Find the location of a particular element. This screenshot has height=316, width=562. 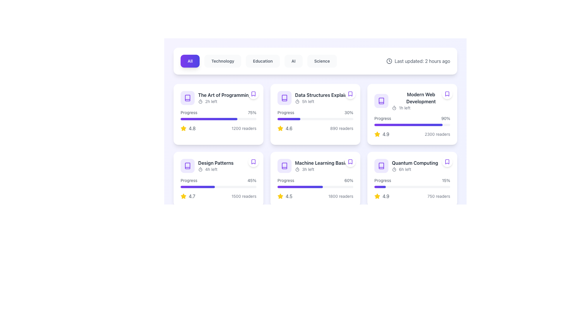

the circular bookmark icon button located in the top-right corner of the 'Design Patterns' card is located at coordinates (253, 162).